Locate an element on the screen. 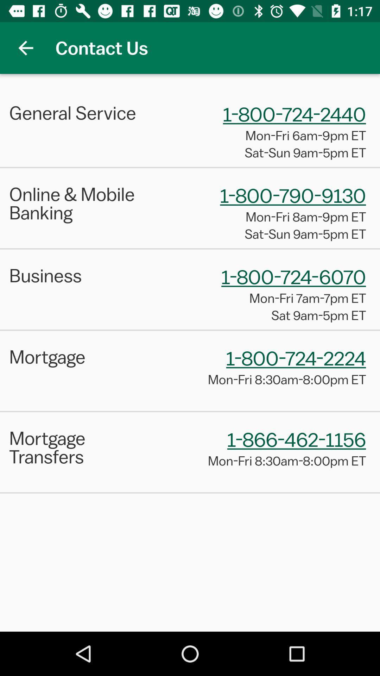 The height and width of the screenshot is (676, 380). 1 866 462 icon is located at coordinates (297, 439).